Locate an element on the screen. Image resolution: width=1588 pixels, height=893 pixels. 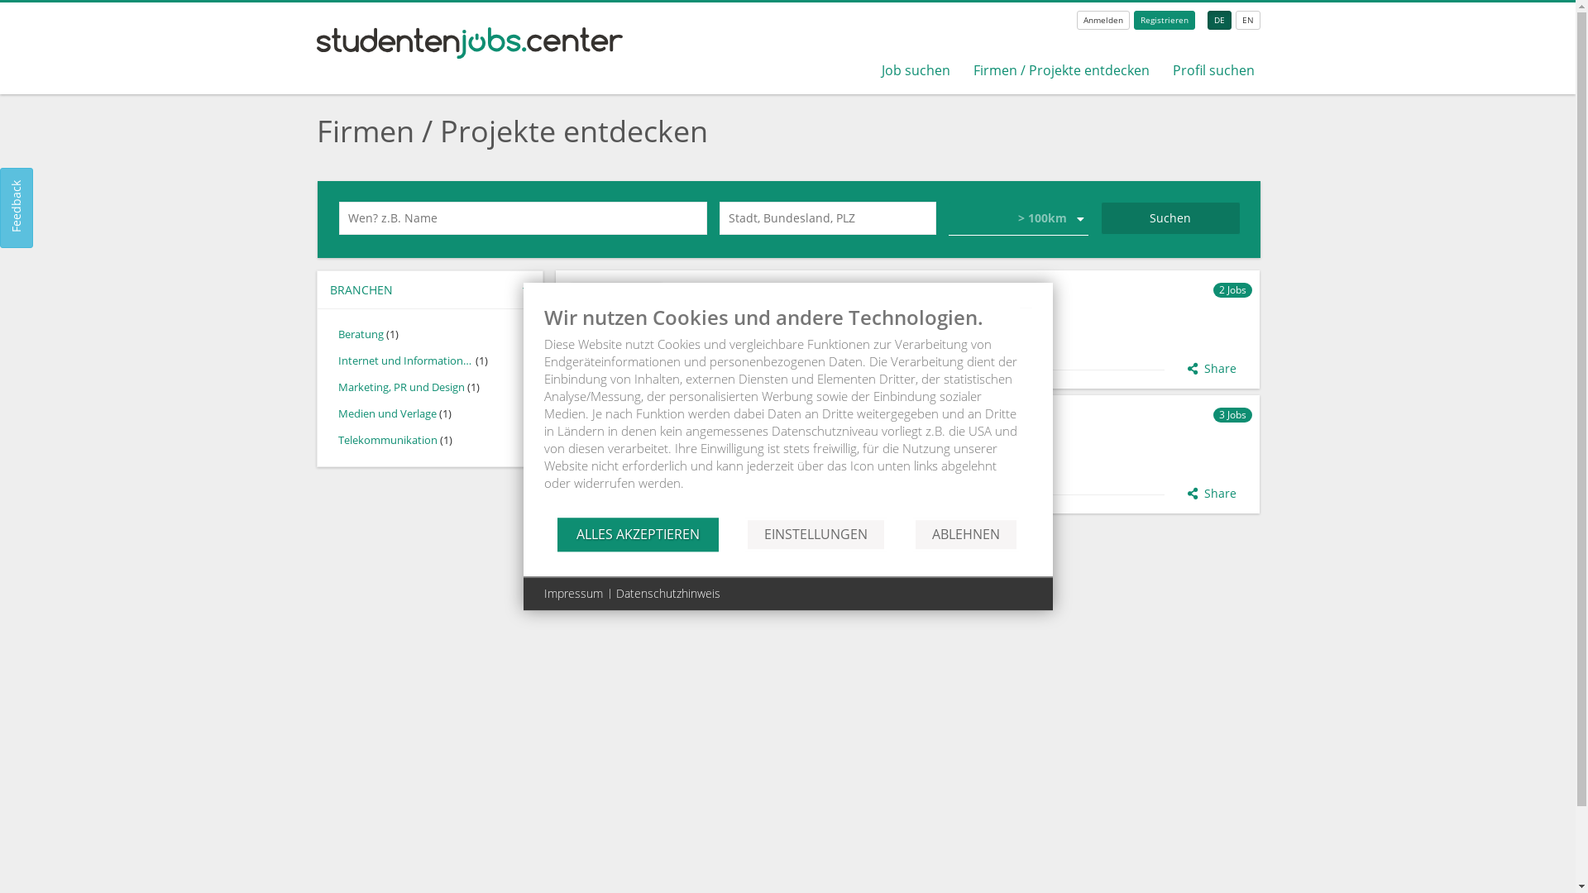
'Job suchen' is located at coordinates (915, 69).